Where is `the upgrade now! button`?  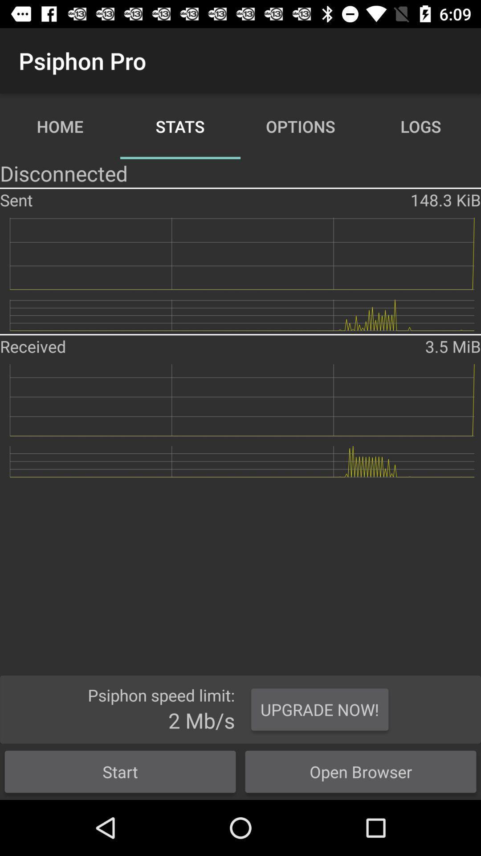 the upgrade now! button is located at coordinates (319, 709).